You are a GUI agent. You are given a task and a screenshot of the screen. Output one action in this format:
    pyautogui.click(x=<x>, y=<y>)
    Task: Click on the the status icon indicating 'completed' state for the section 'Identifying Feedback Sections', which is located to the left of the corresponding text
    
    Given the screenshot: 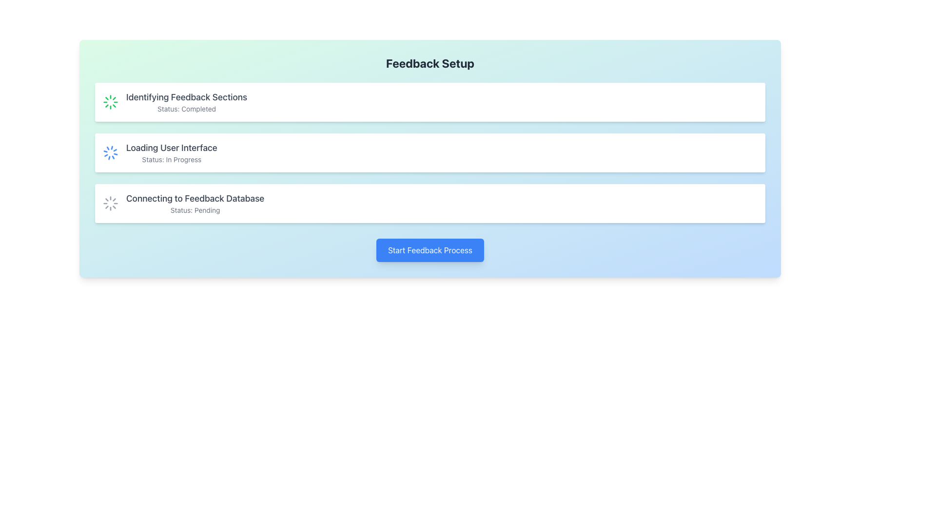 What is the action you would take?
    pyautogui.click(x=110, y=102)
    